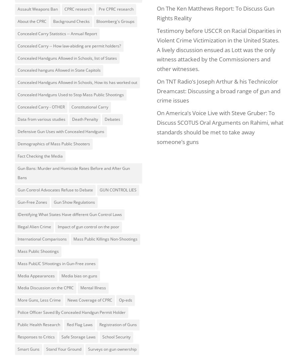  I want to click on 'Gun Show Regulations', so click(74, 202).